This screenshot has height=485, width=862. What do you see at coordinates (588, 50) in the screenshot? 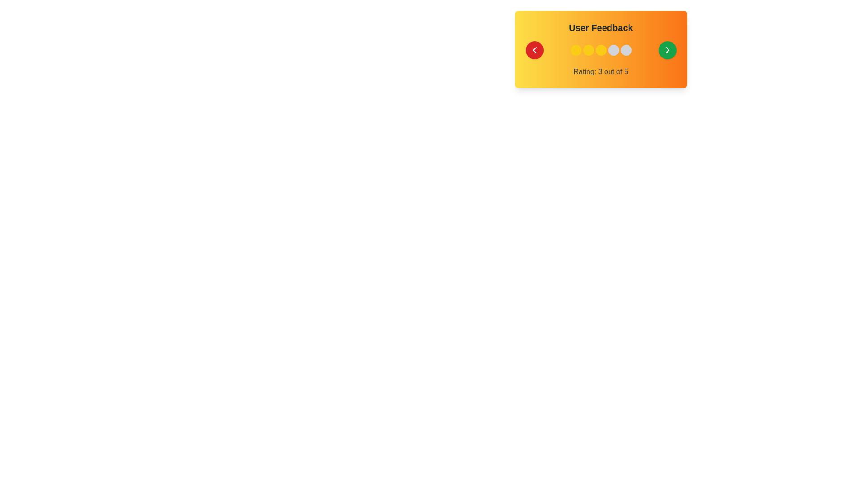
I see `the second circular rating option in the rating component located beneath the 'User Feedback' title` at bounding box center [588, 50].